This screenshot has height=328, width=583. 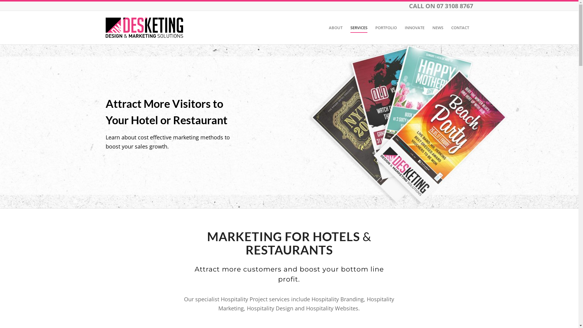 I want to click on 'INNOVATE', so click(x=401, y=28).